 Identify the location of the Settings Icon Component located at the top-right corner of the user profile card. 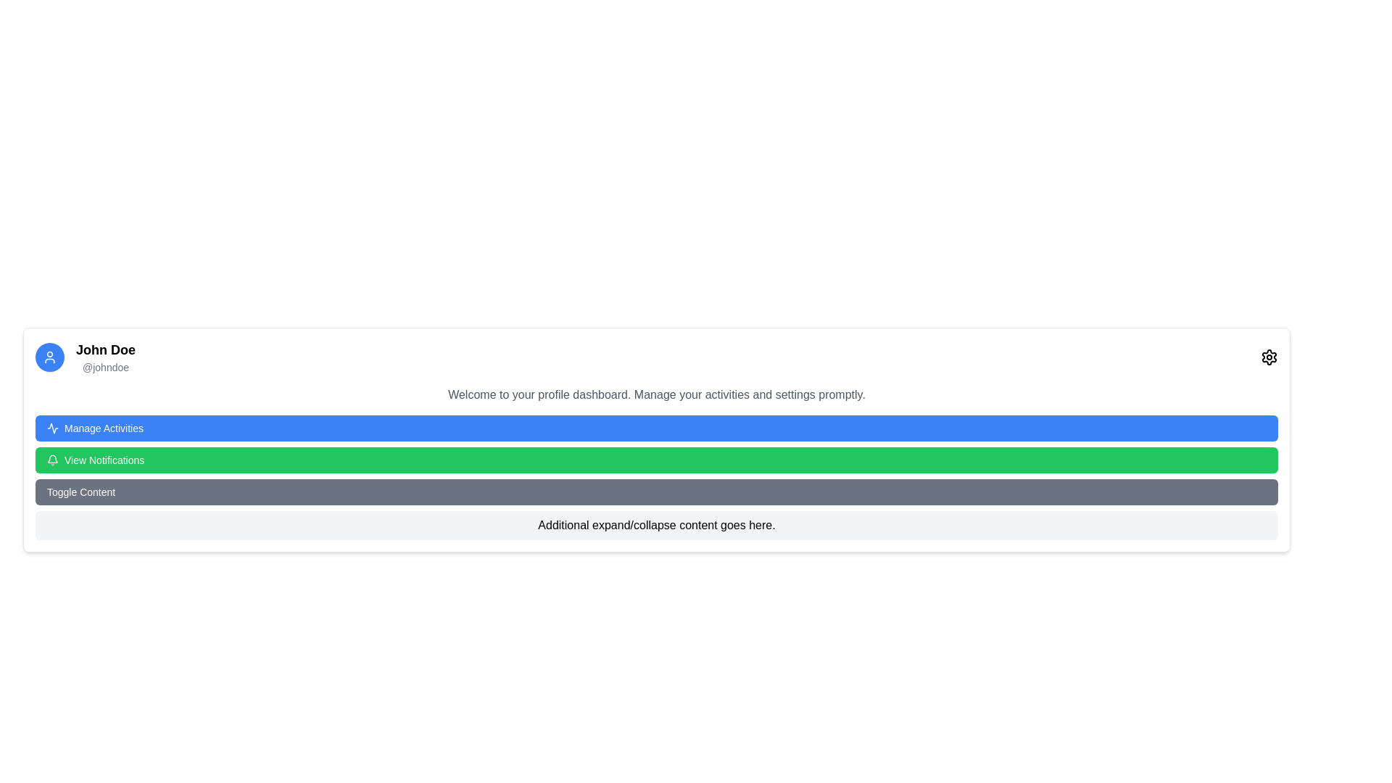
(1269, 357).